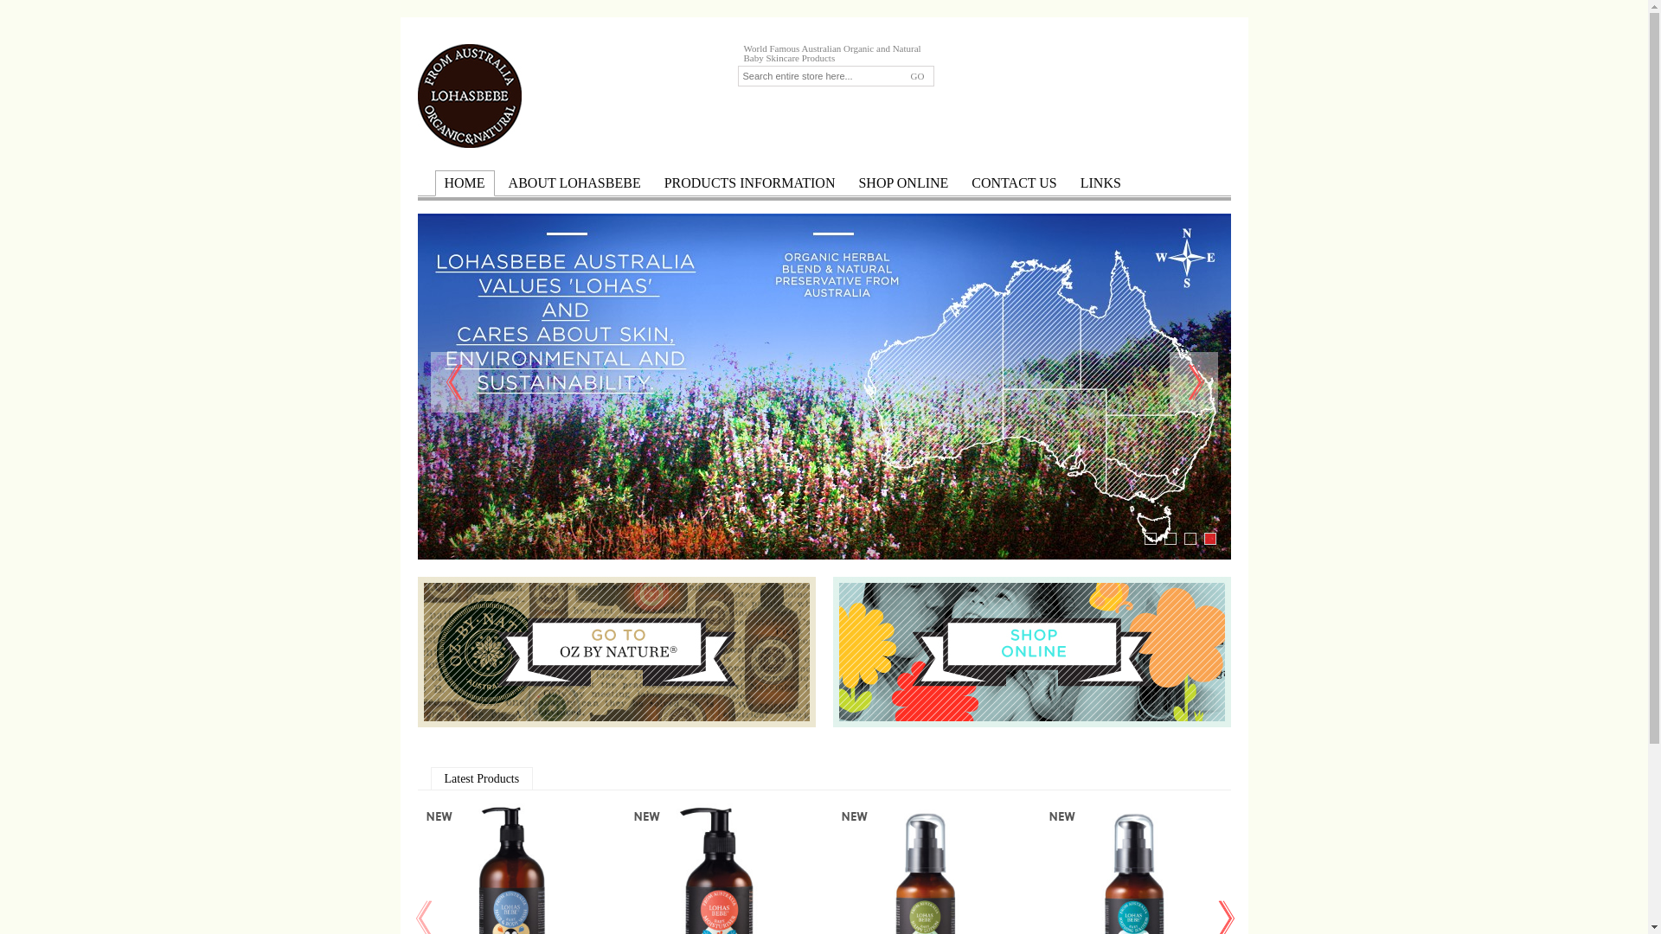 Image resolution: width=1661 pixels, height=934 pixels. Describe the element at coordinates (916, 75) in the screenshot. I see `'GO'` at that location.